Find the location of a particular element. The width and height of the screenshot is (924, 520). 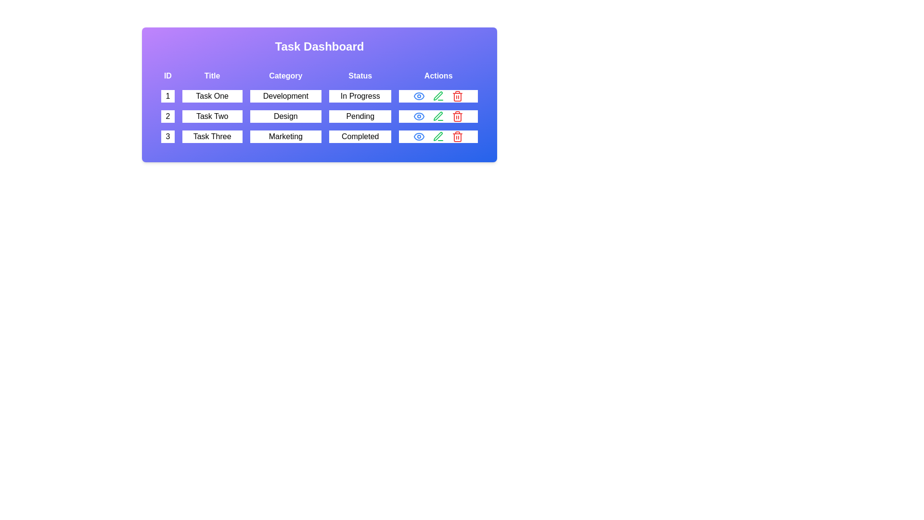

the row corresponding to 1 is located at coordinates (319, 96).